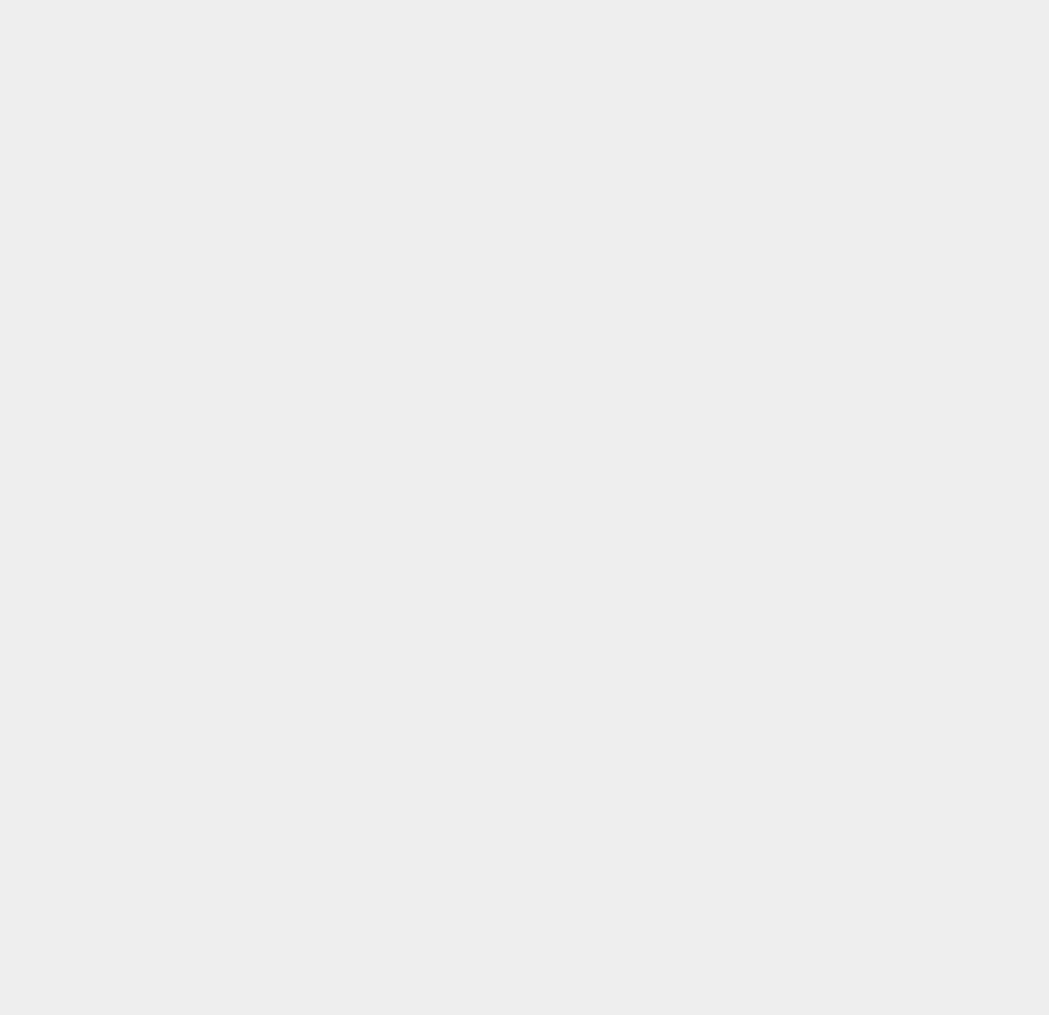 This screenshot has width=1049, height=1015. I want to click on 'h3lix', so click(755, 983).